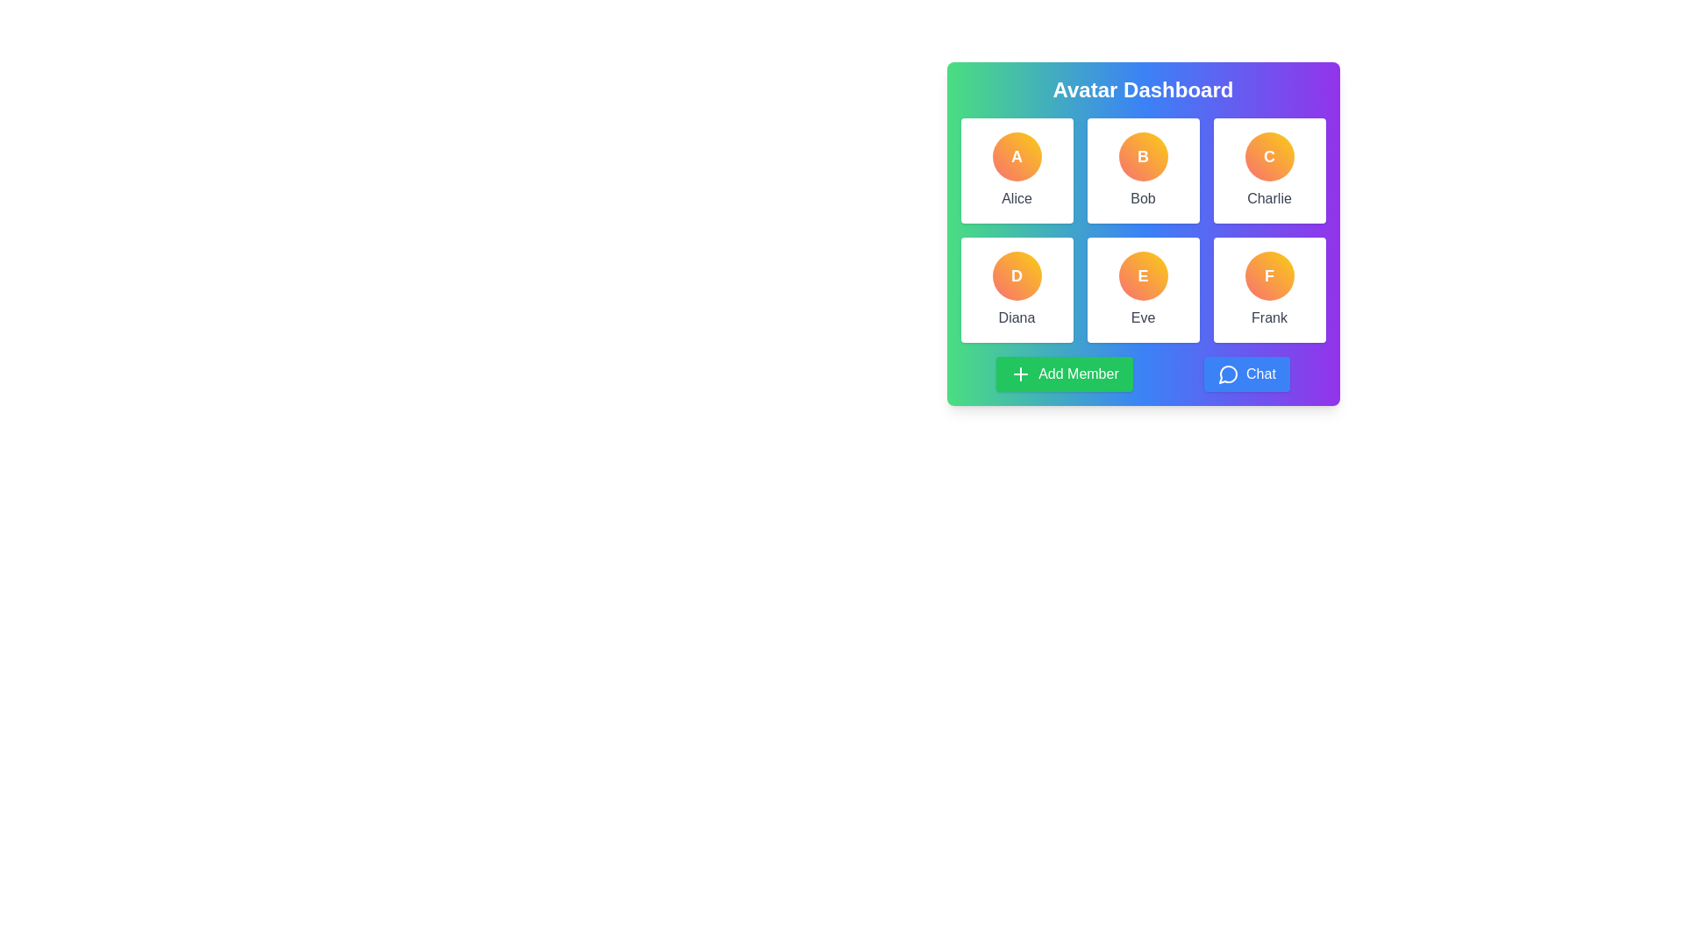  What do you see at coordinates (1269, 155) in the screenshot?
I see `the Avatar Icon representing 'Charlie' located in the top row, third column of the grid under 'Avatar Dashboard'` at bounding box center [1269, 155].